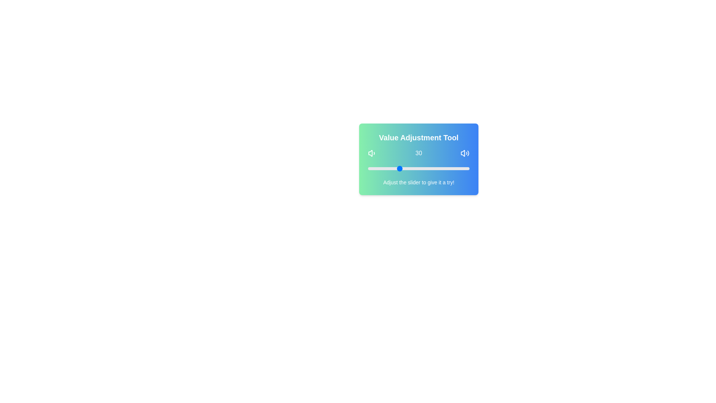 This screenshot has width=716, height=403. Describe the element at coordinates (460, 168) in the screenshot. I see `the slider` at that location.